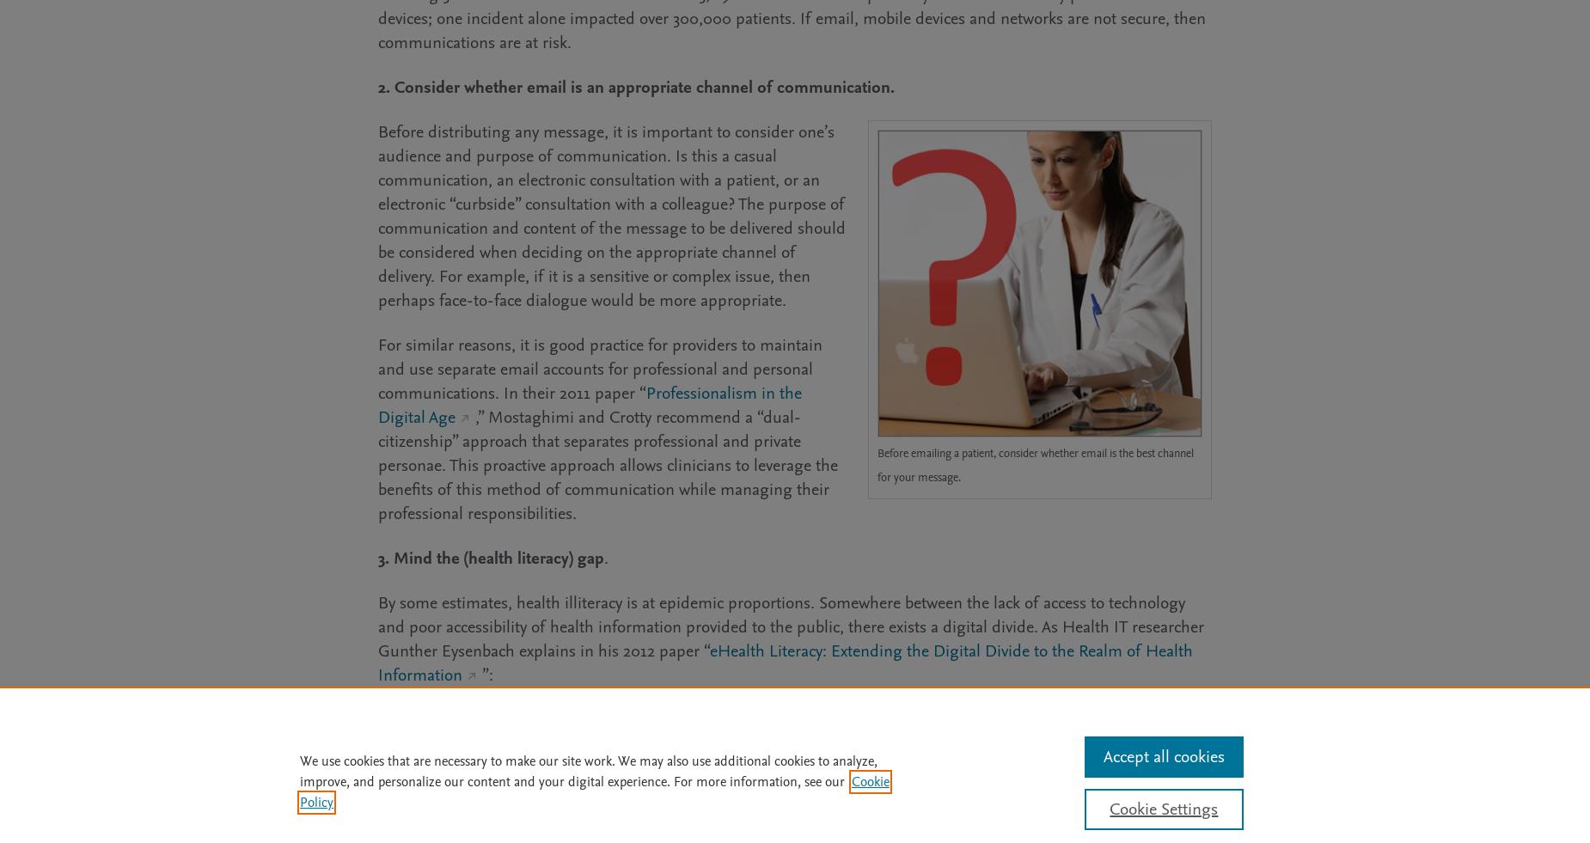 The width and height of the screenshot is (1590, 843). I want to click on 'Before distributing any message, it is important to consider one’s audience and purpose of communication. Is this a casual communication, an electronic consultation with a patient, or an electronic “curbside” consultation with a colleague? The purpose of communication and content
  of the message to be delivered should be considered when deciding on the appropriate channel of delivery. For example, if it is a sensitive or complex issue, then perhaps face-to-face dialogue would be more appropriate.', so click(612, 215).